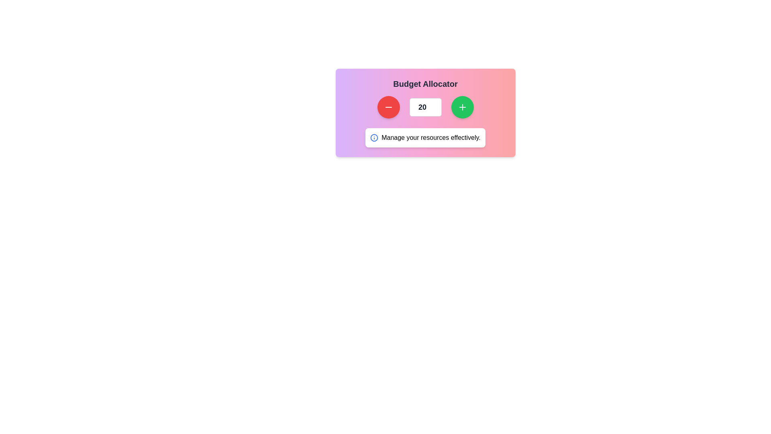 This screenshot has height=434, width=771. I want to click on the minimalistic minus icon centered within the circular red button to decrement the value in the 'Budget Allocator' interface, so click(388, 106).